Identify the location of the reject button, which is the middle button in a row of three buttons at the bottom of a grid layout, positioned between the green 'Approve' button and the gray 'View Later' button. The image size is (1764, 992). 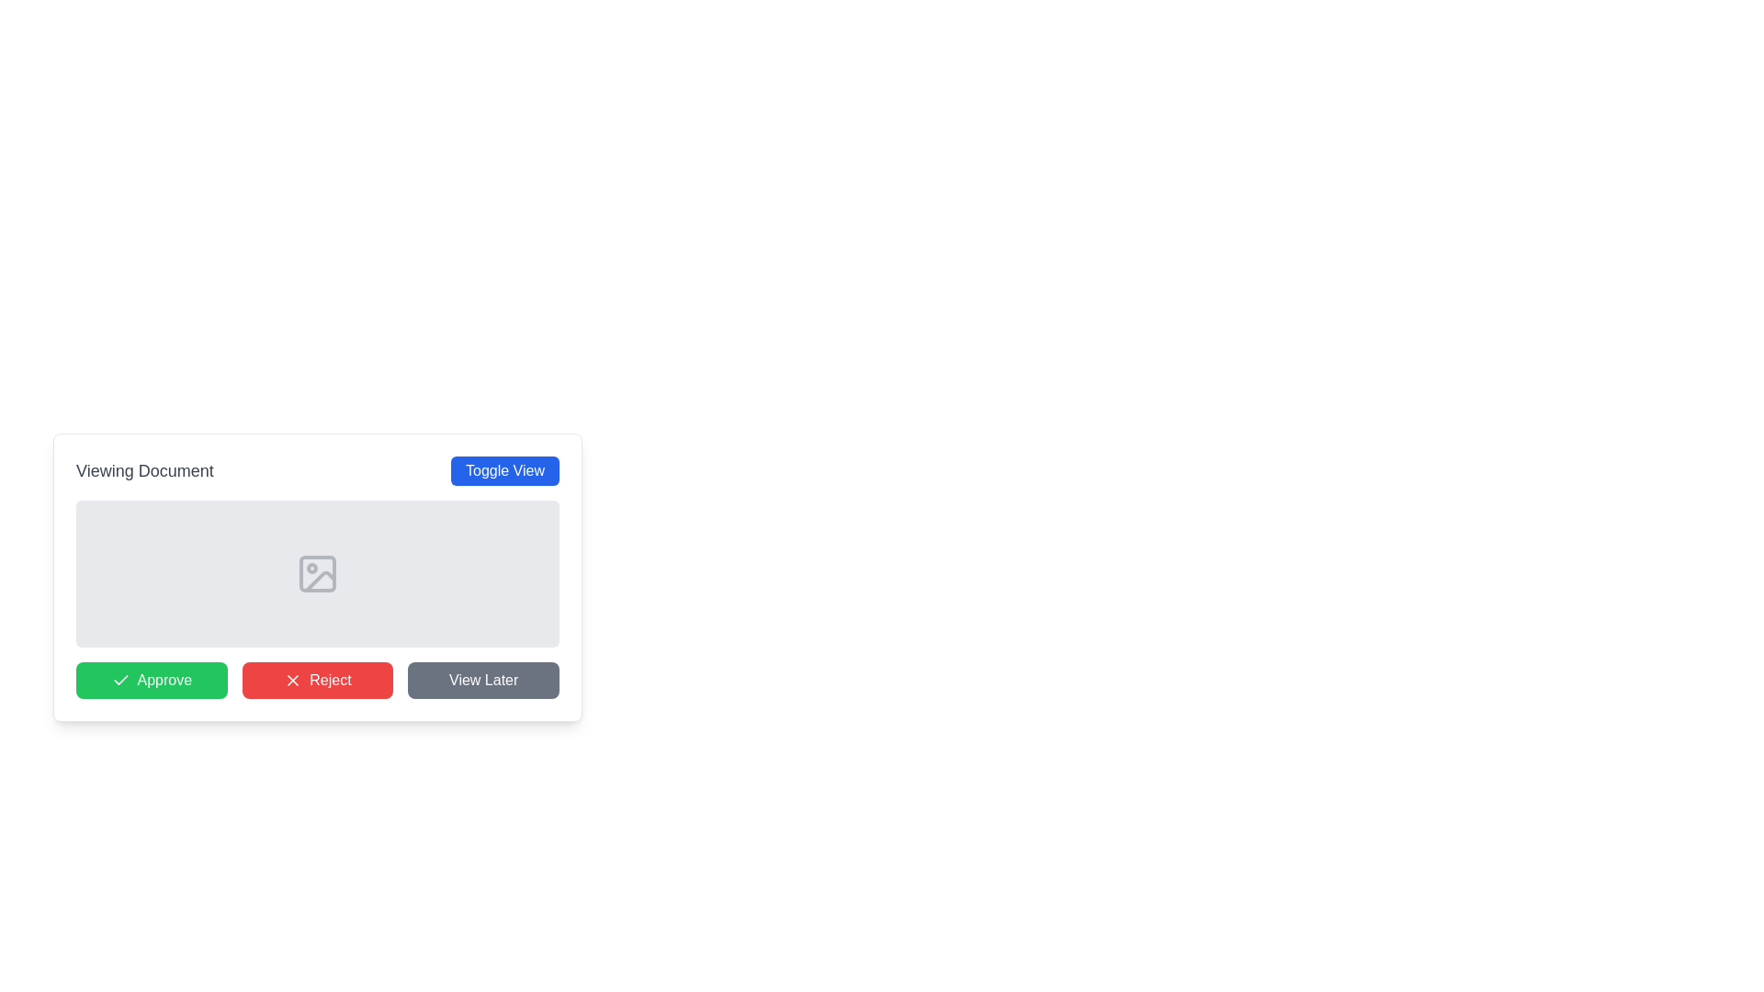
(317, 680).